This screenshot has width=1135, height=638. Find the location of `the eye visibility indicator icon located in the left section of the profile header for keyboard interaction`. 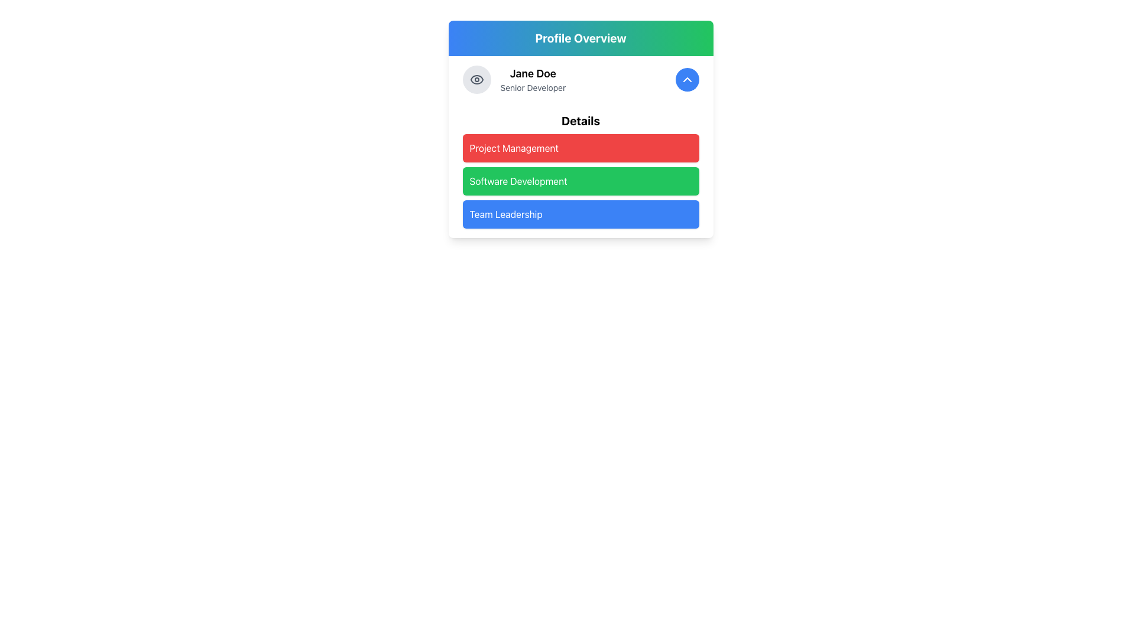

the eye visibility indicator icon located in the left section of the profile header for keyboard interaction is located at coordinates (476, 80).